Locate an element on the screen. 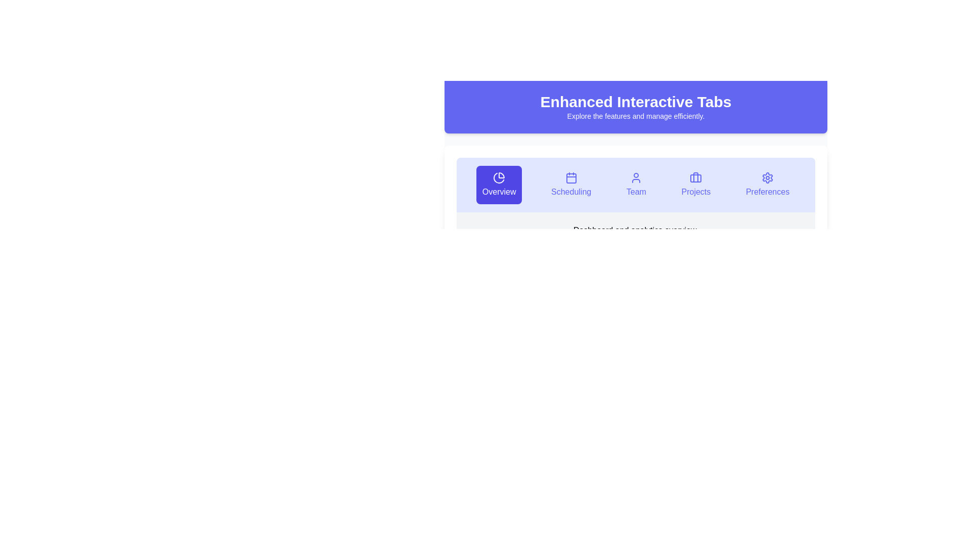 This screenshot has height=546, width=971. the 'Preferences' button, which features an indigo gear icon and is located at the end of the horizontal navigation bar is located at coordinates (767, 185).